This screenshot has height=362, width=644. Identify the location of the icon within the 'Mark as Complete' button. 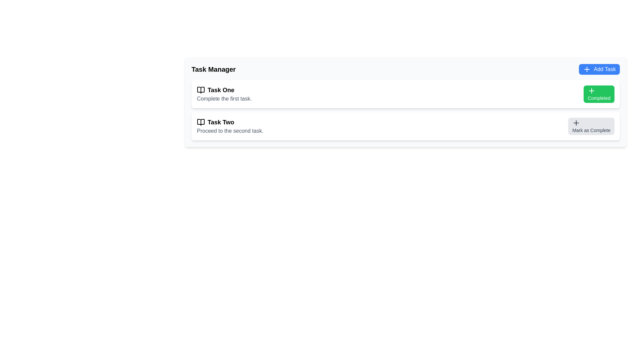
(576, 123).